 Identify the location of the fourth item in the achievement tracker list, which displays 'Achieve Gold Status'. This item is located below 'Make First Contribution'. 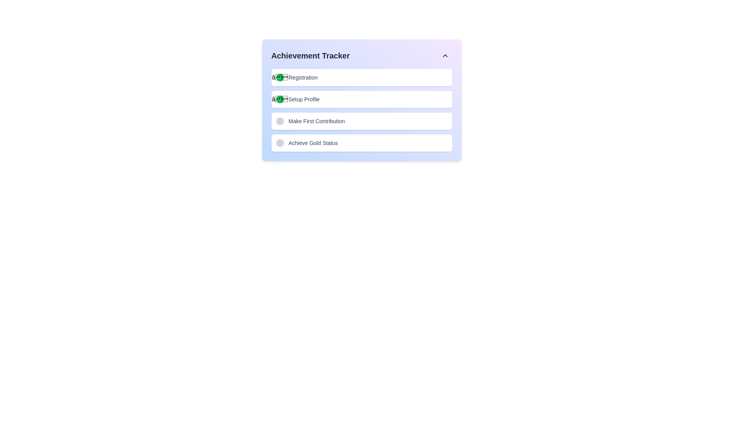
(361, 143).